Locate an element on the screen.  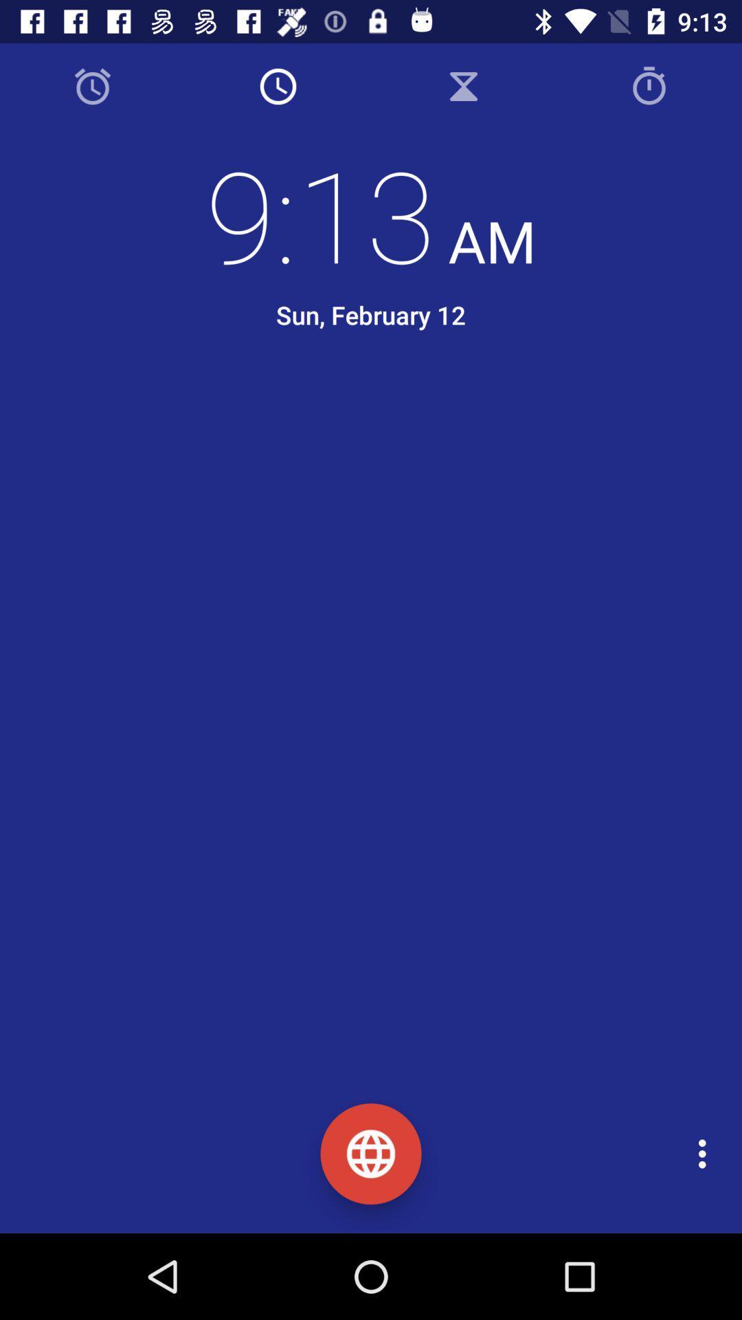
the icon at the bottom right corner is located at coordinates (706, 1154).